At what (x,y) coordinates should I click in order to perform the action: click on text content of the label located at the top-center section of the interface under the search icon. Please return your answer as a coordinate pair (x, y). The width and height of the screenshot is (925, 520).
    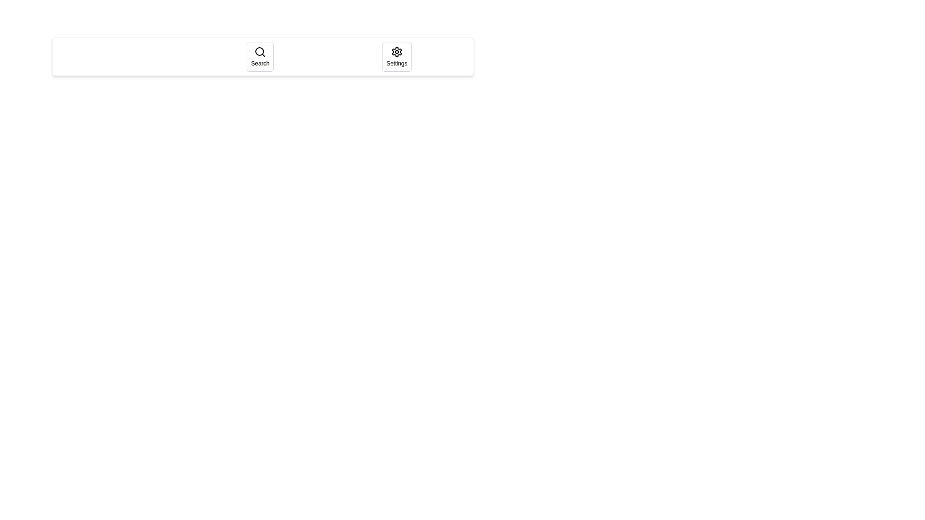
    Looking at the image, I should click on (260, 63).